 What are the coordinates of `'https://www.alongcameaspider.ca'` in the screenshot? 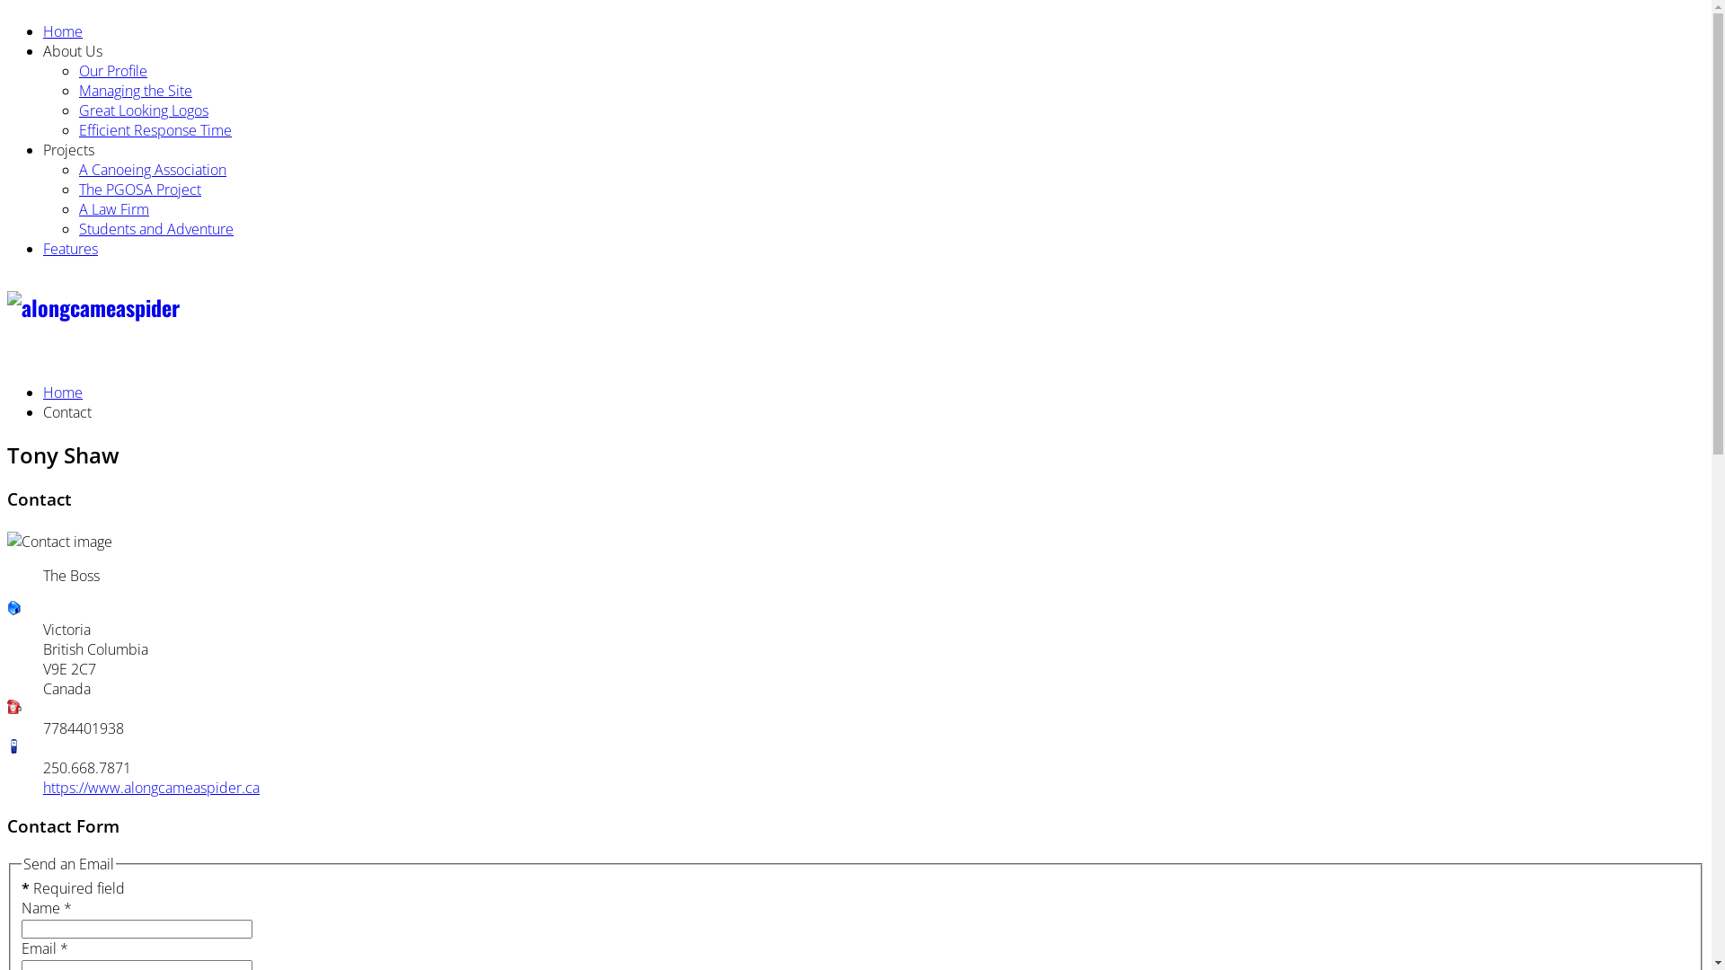 It's located at (43, 786).